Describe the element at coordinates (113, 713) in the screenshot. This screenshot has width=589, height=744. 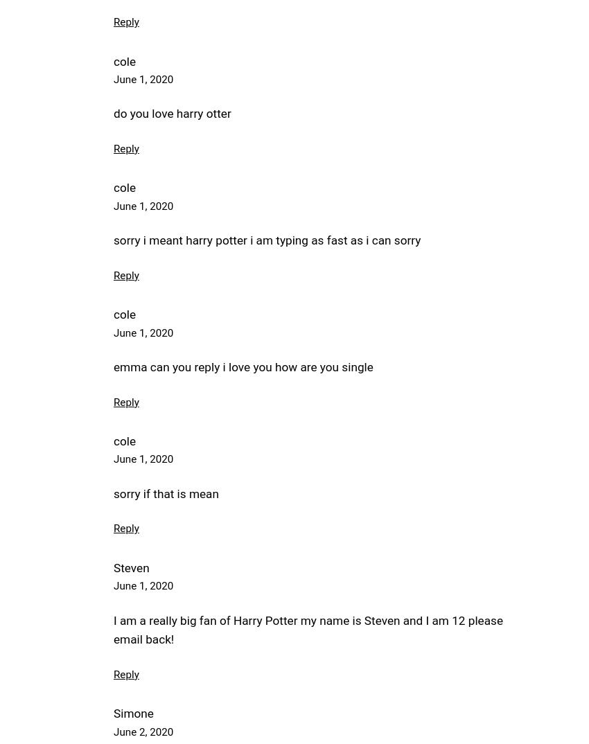
I see `'Simone'` at that location.